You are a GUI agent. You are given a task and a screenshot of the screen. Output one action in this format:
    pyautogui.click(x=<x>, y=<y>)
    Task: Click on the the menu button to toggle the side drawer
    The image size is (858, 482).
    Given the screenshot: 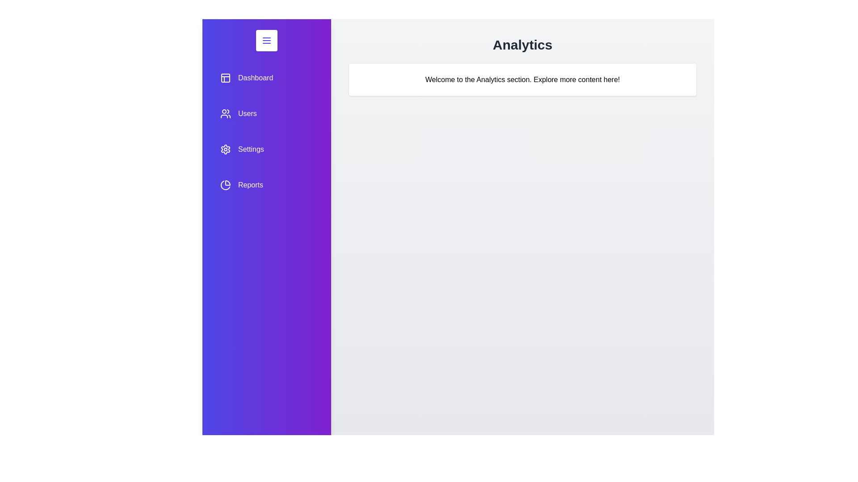 What is the action you would take?
    pyautogui.click(x=266, y=41)
    